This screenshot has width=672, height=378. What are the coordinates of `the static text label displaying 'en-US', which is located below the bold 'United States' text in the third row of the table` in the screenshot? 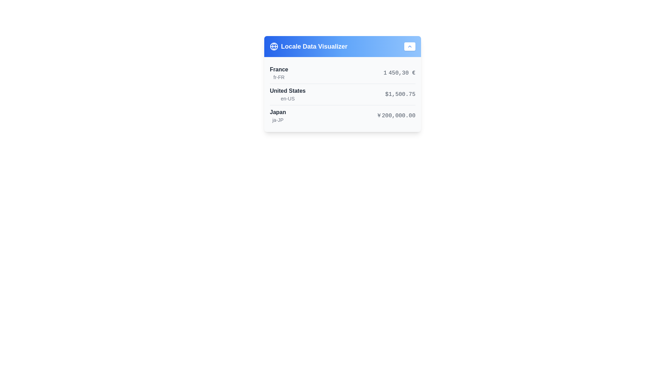 It's located at (288, 98).